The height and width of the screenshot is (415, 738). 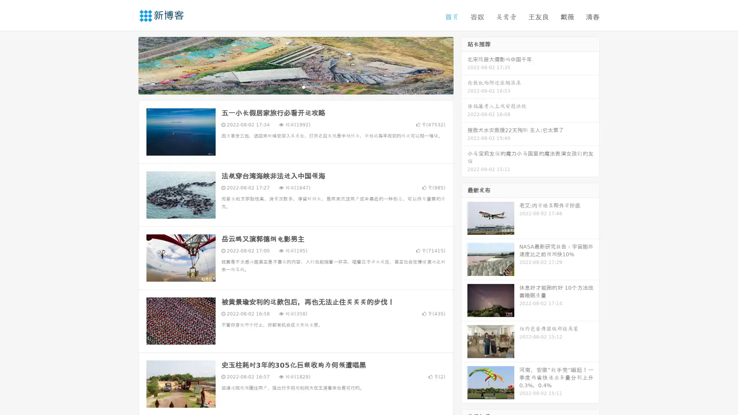 I want to click on Previous slide, so click(x=127, y=65).